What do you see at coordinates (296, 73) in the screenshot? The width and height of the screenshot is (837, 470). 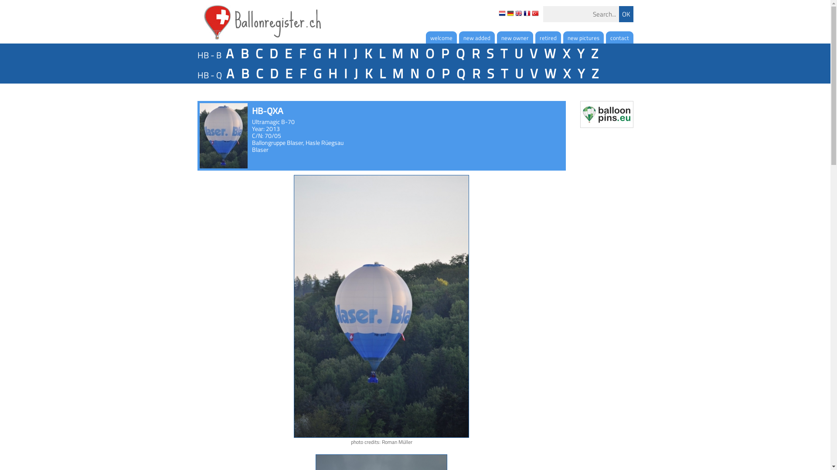 I see `'F'` at bounding box center [296, 73].